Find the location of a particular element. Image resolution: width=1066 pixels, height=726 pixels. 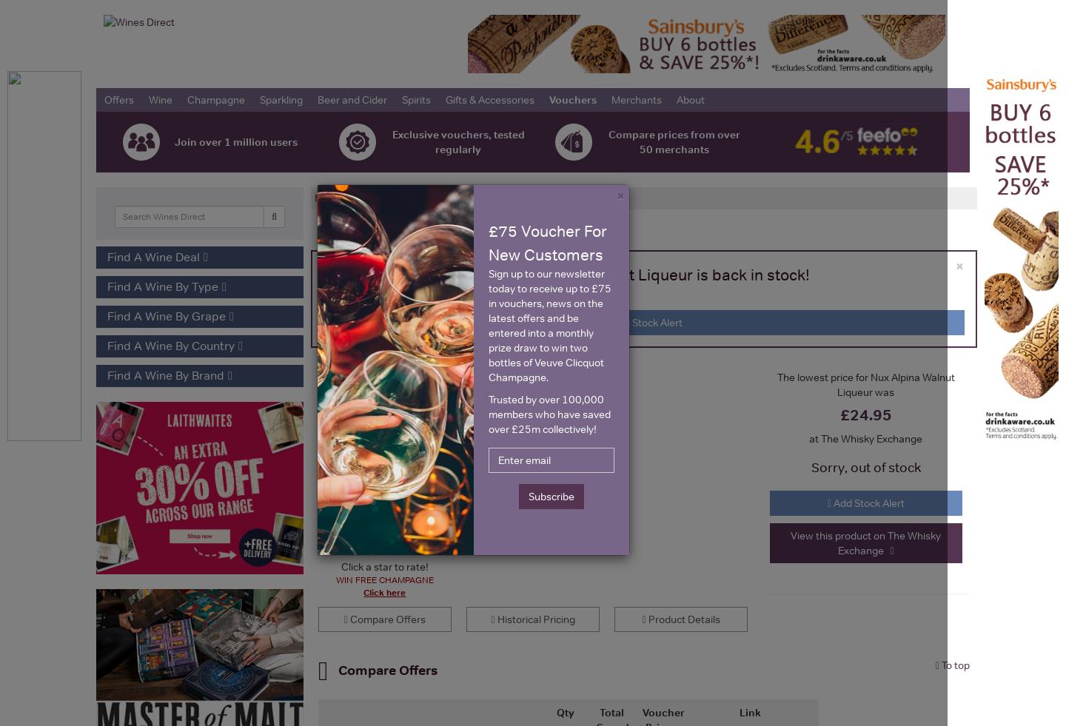

'Sign up to our newsletter today to receive up to £75 in vouchers, news on the latest offers and be entered into a monthly prize draw to win two bottles of Veuve Clicquot Champagne.' is located at coordinates (549, 324).